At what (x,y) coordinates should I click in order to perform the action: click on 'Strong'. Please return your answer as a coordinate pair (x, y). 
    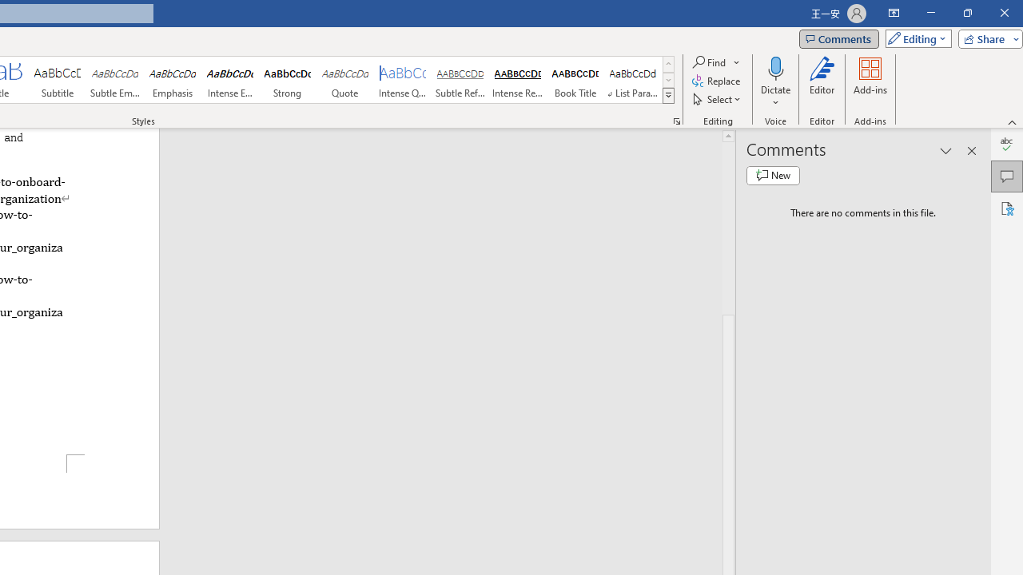
    Looking at the image, I should click on (287, 80).